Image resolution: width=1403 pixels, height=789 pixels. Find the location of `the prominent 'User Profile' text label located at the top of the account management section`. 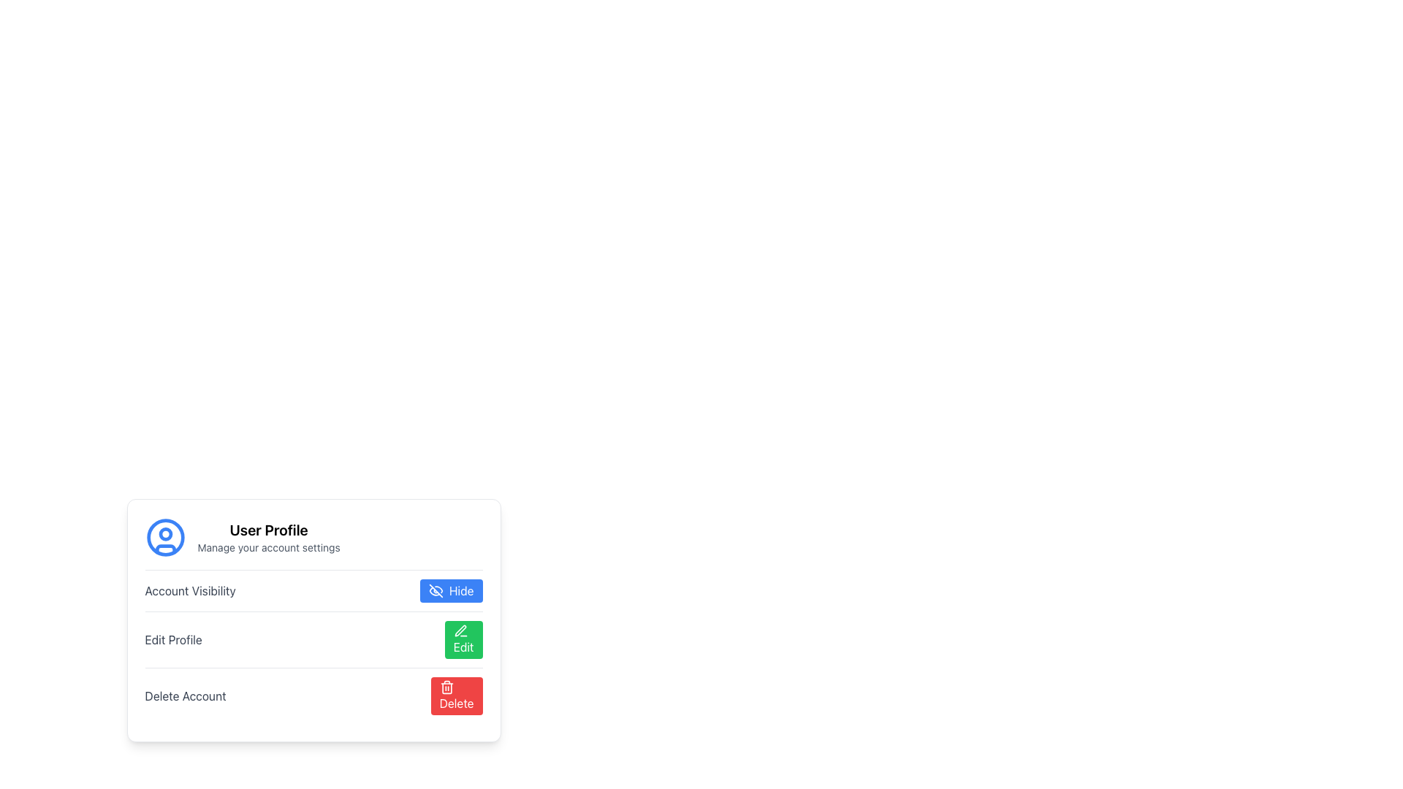

the prominent 'User Profile' text label located at the top of the account management section is located at coordinates (269, 530).